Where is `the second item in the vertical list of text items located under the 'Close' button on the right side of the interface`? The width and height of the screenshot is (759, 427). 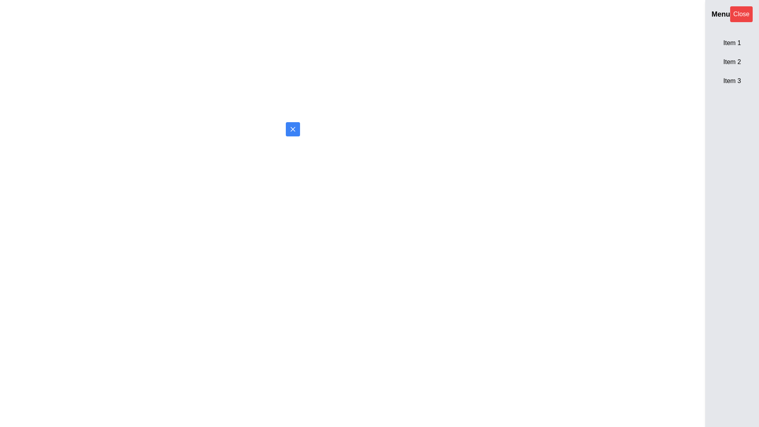
the second item in the vertical list of text items located under the 'Close' button on the right side of the interface is located at coordinates (732, 62).